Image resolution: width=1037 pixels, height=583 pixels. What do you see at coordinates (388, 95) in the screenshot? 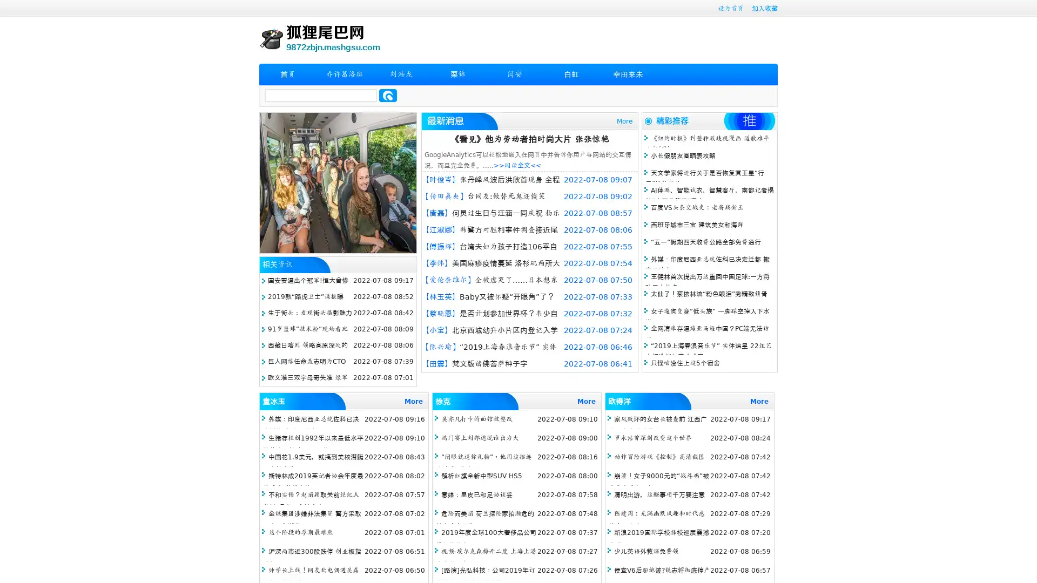
I see `Search` at bounding box center [388, 95].